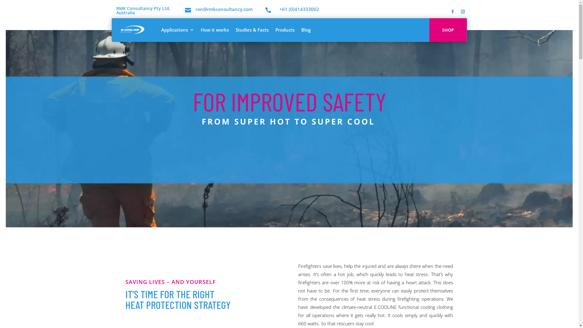  Describe the element at coordinates (448, 30) in the screenshot. I see `'SHOP'` at that location.